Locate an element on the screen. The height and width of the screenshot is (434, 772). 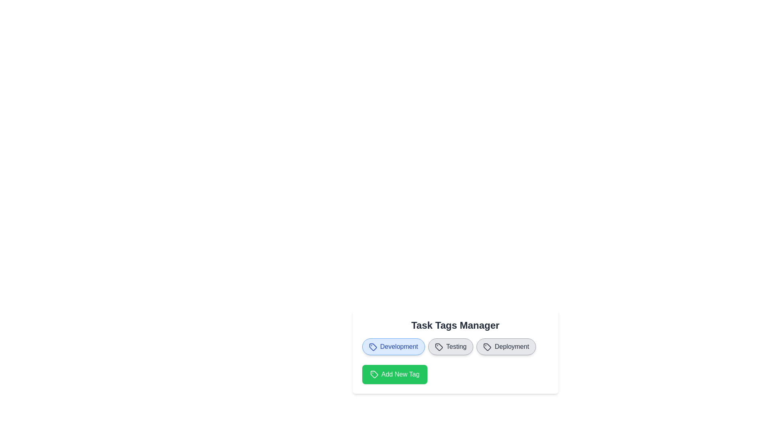
the pill-shaped button labeled 'Testing' with a gray background and price tag icon is located at coordinates (451, 346).